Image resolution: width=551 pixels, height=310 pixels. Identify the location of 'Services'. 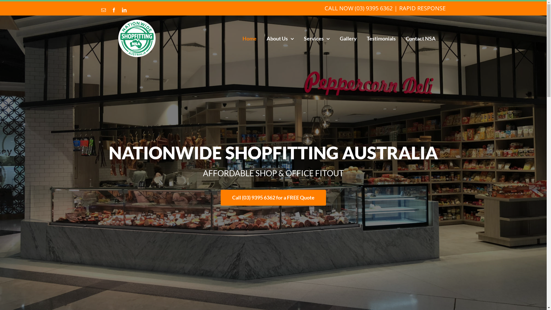
(316, 38).